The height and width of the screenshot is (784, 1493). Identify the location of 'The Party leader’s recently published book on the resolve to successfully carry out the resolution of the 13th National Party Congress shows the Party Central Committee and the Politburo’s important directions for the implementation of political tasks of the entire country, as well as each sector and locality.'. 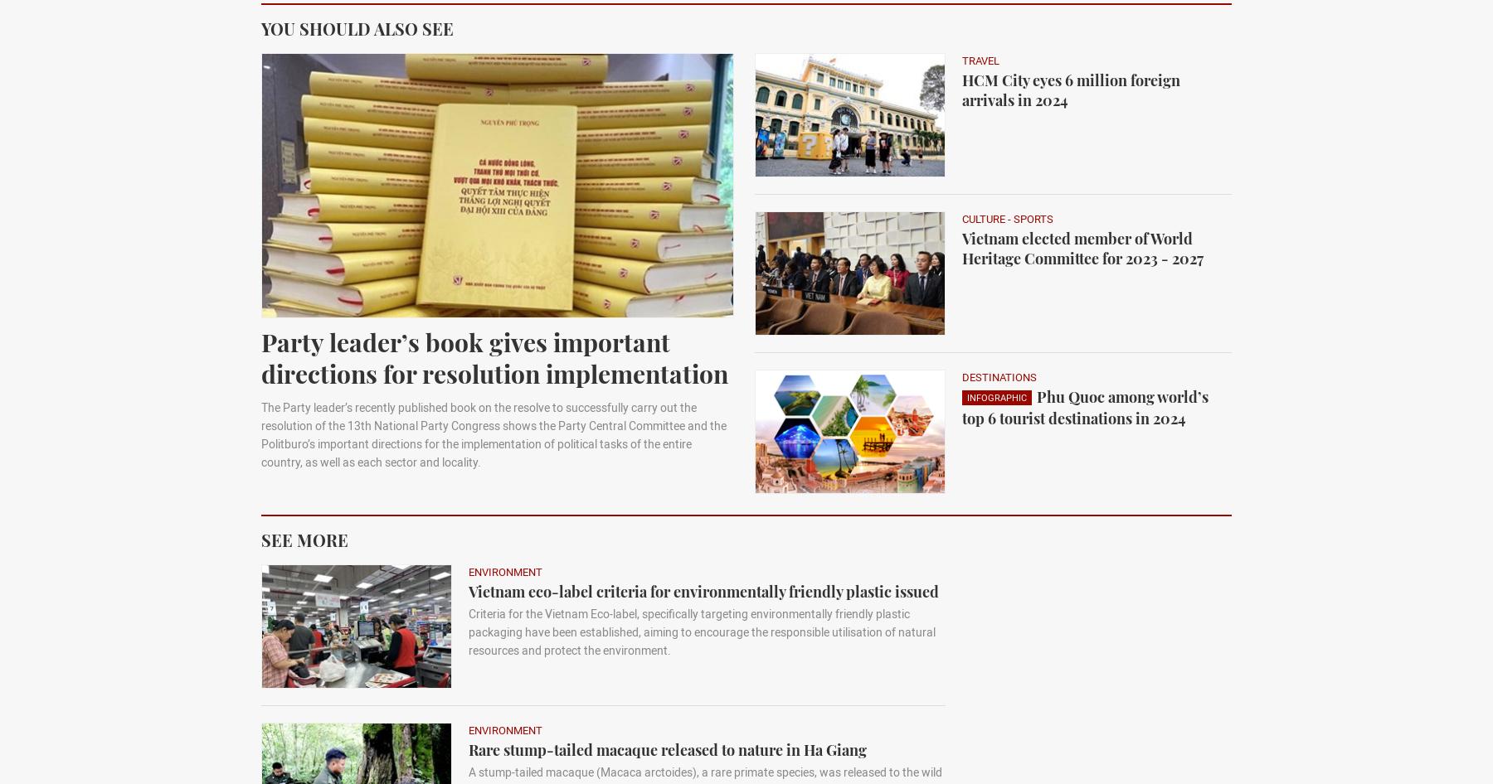
(494, 434).